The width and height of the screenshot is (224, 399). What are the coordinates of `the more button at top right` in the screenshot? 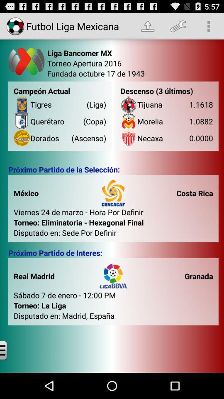 It's located at (208, 26).